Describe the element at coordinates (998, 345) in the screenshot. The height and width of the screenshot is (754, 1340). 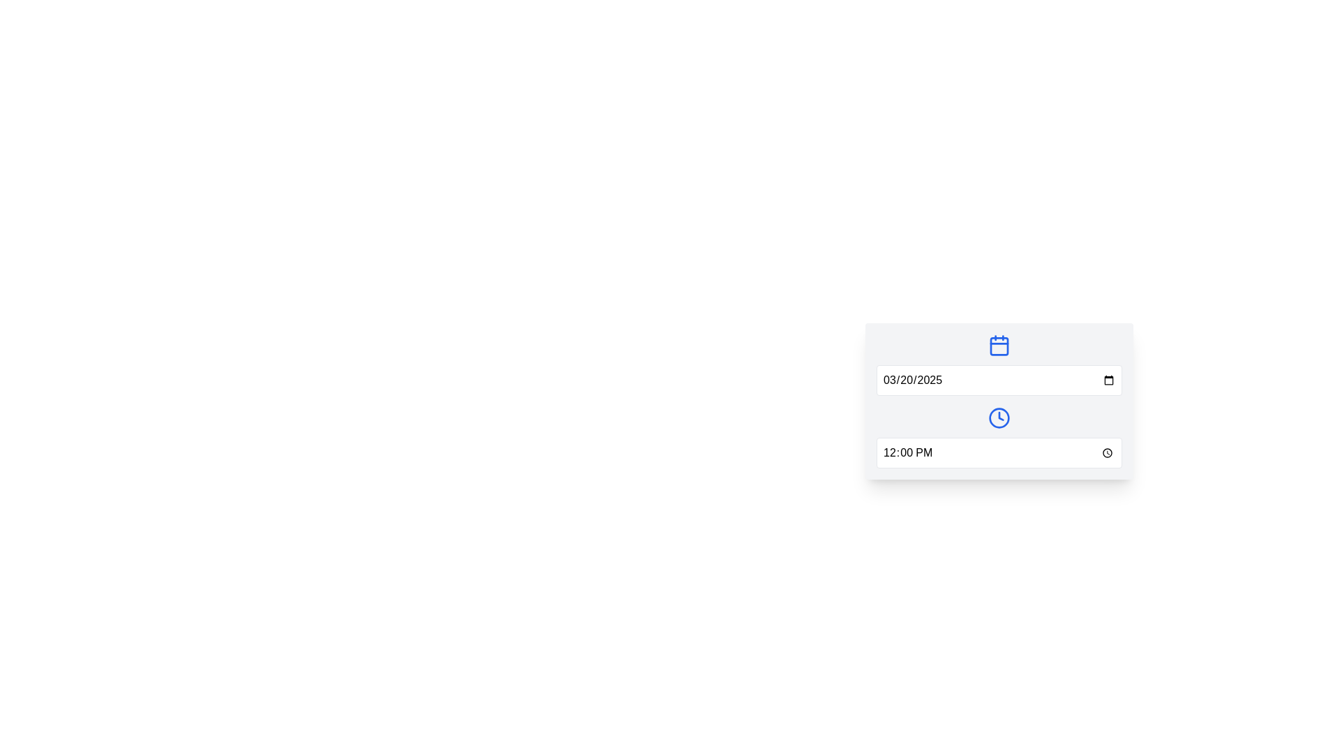
I see `the calendar icon, which has a blue outline and rounded corners, positioned above a date input field` at that location.